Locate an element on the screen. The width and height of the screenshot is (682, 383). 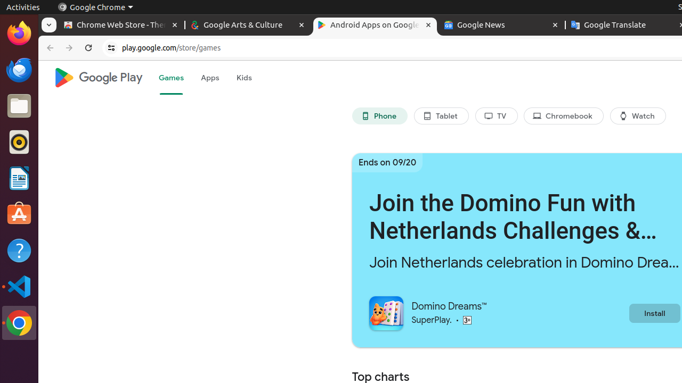
'Chromebook' is located at coordinates (563, 116).